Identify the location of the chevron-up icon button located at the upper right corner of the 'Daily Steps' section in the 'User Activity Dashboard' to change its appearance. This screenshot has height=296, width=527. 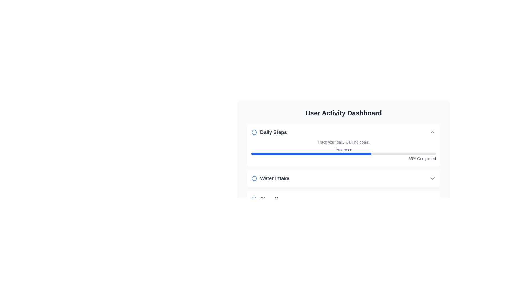
(432, 132).